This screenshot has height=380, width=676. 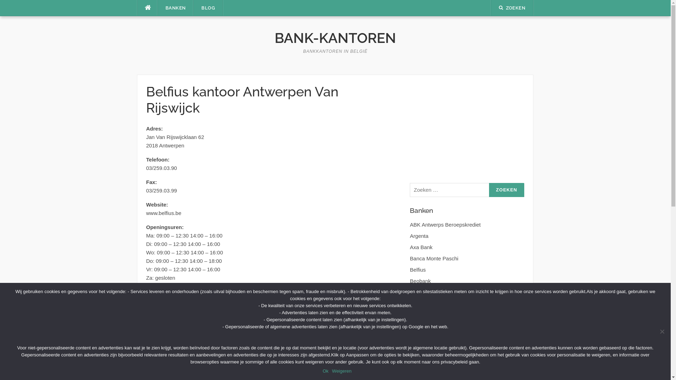 I want to click on 'Weigeren', so click(x=342, y=371).